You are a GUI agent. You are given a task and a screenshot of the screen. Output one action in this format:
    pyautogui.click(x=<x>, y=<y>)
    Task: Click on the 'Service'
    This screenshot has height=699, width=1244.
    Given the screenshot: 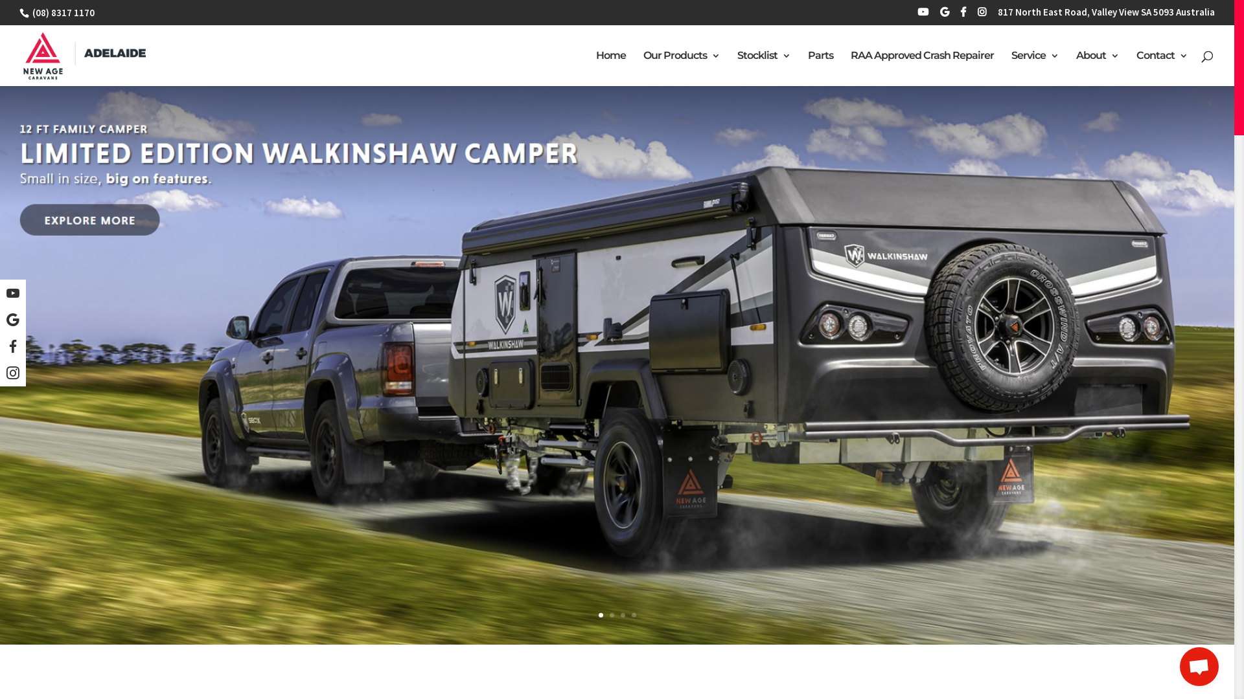 What is the action you would take?
    pyautogui.click(x=1034, y=67)
    